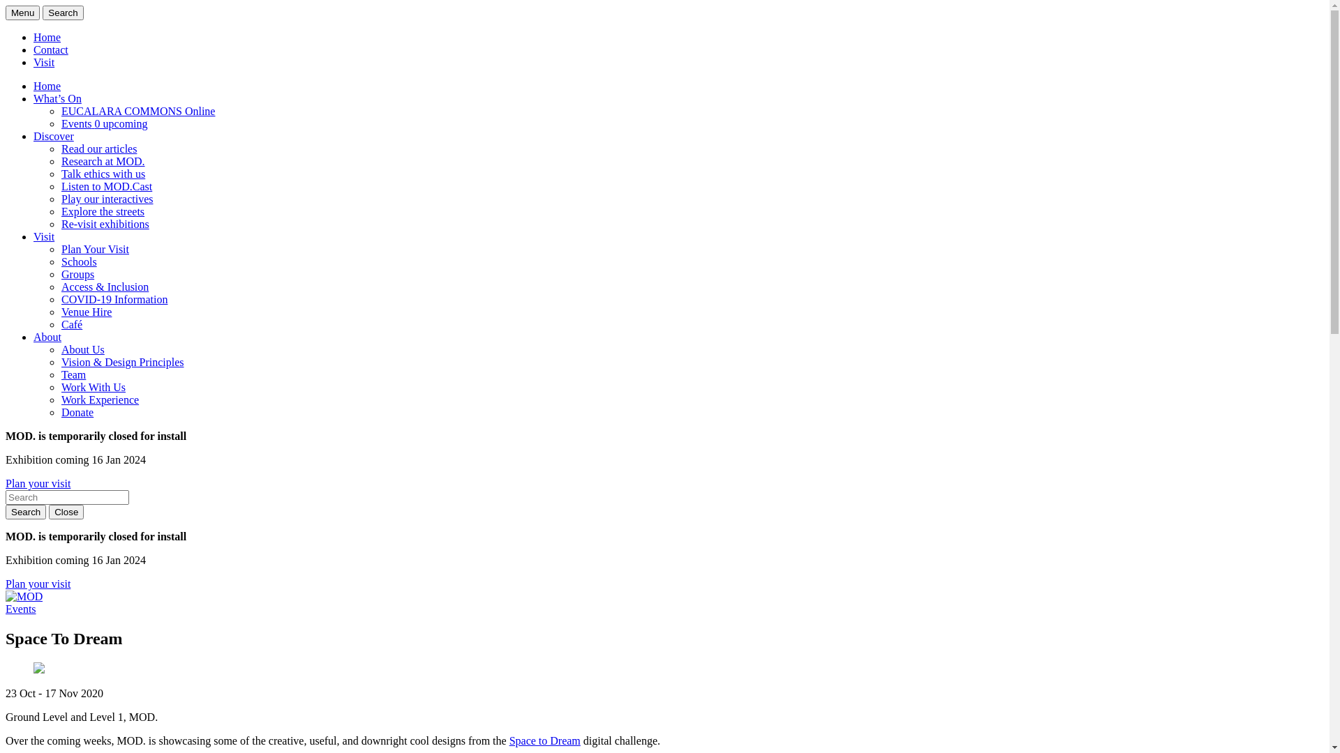 This screenshot has height=753, width=1340. Describe the element at coordinates (47, 337) in the screenshot. I see `'About'` at that location.